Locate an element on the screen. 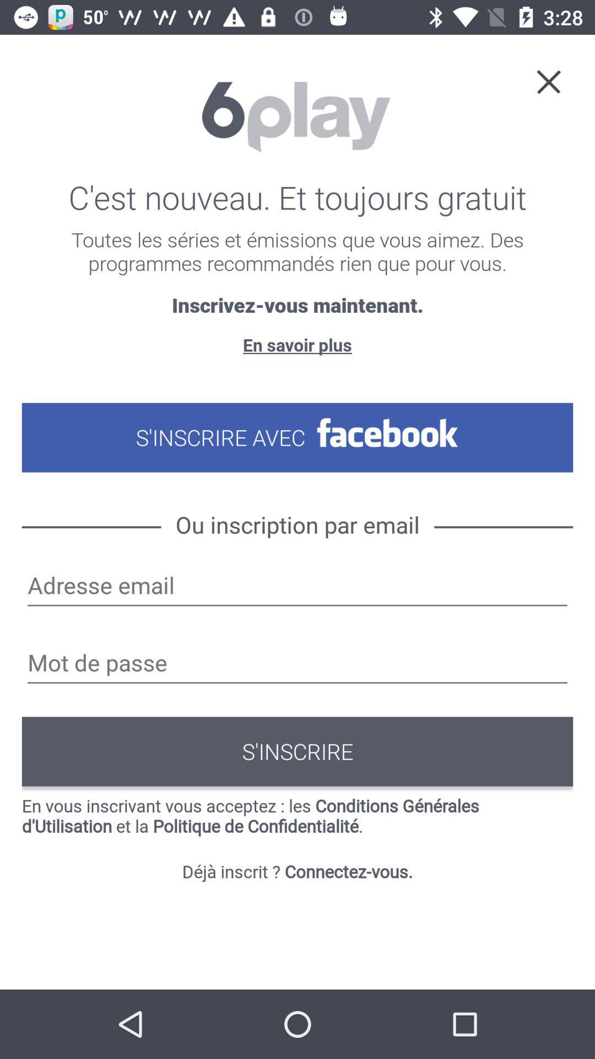 The width and height of the screenshot is (595, 1059). the icon below the inscrivez-vous maintenant. is located at coordinates (297, 344).